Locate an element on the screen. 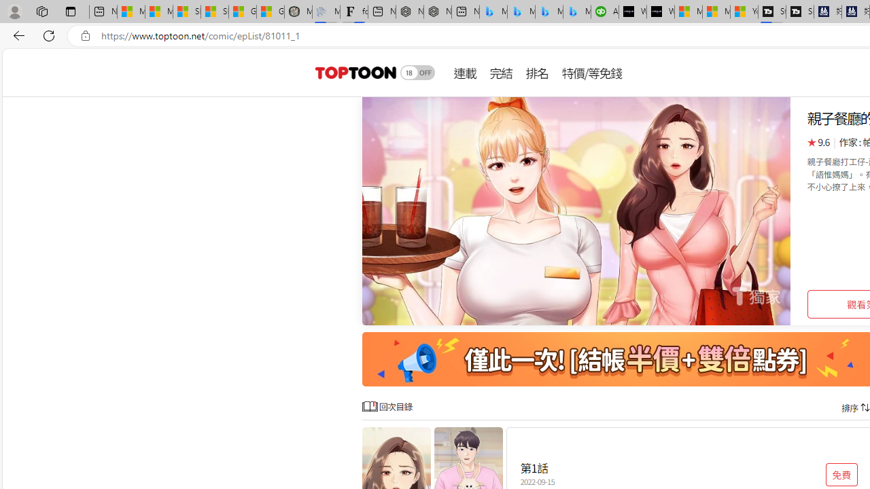 The height and width of the screenshot is (489, 870). 'What' is located at coordinates (661, 12).